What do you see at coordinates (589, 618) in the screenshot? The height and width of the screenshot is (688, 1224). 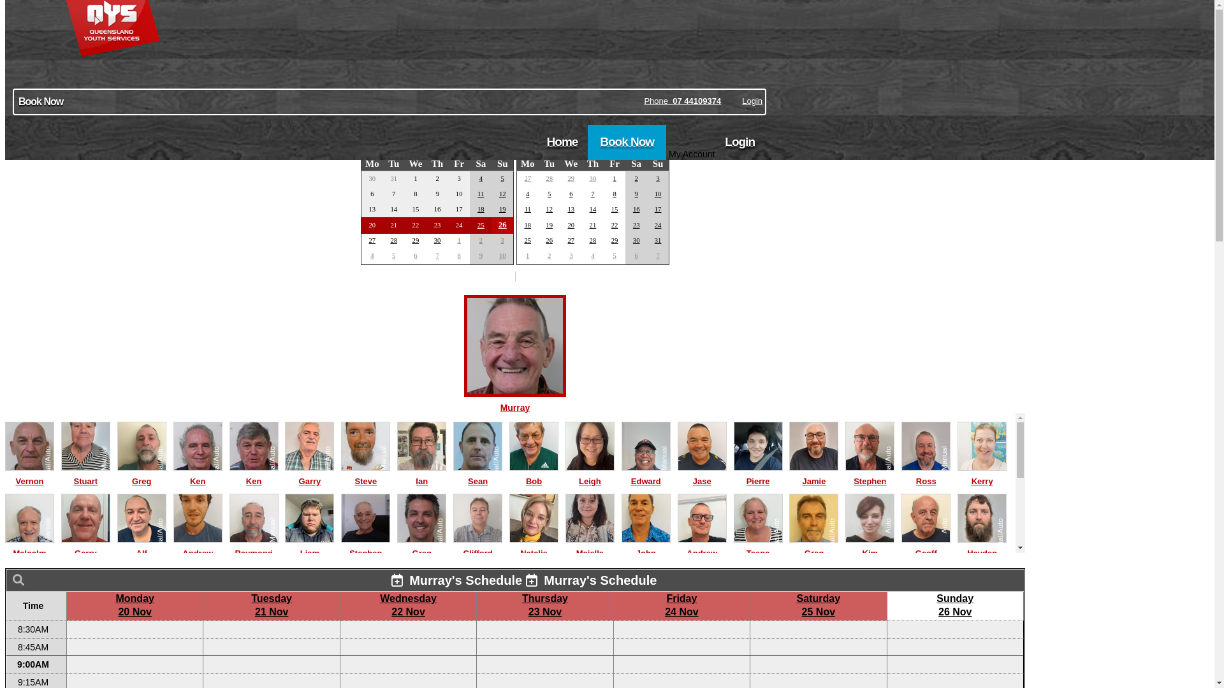 I see `'Joan` at bounding box center [589, 618].